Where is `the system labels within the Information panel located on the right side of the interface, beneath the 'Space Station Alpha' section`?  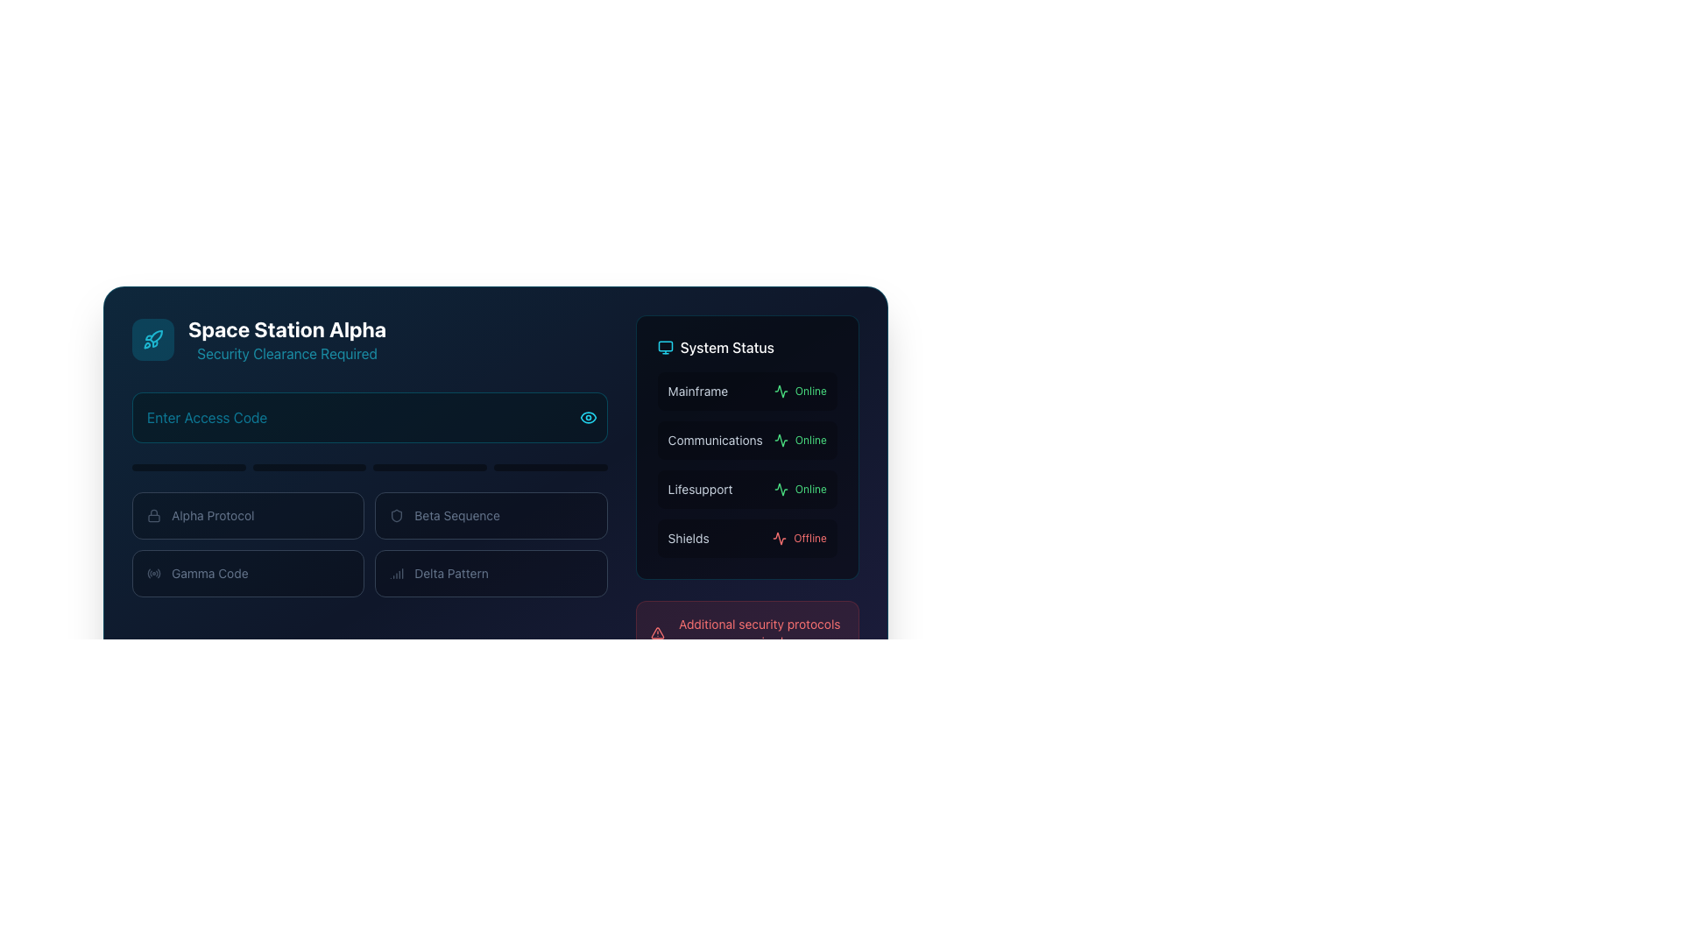
the system labels within the Information panel located on the right side of the interface, beneath the 'Space Station Alpha' section is located at coordinates (747, 525).